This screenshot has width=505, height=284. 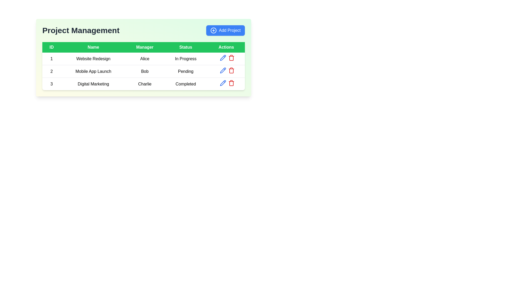 What do you see at coordinates (214, 30) in the screenshot?
I see `circle element that is styled with a stroke and no fill, part of the 'Add Project' button with a rounded blue background, located in the top-right segment of the interface` at bounding box center [214, 30].